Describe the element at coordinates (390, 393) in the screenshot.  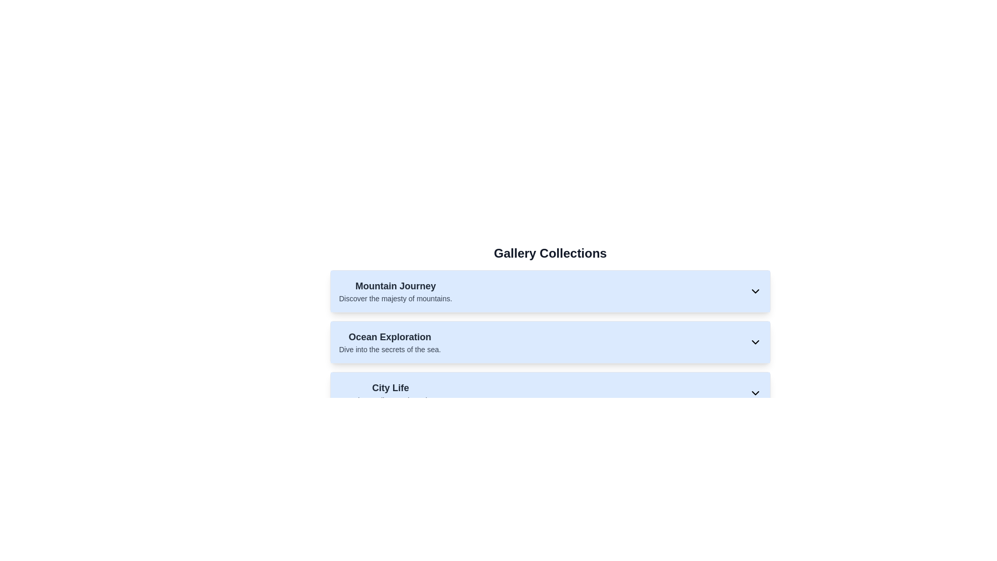
I see `descriptive text block titled 'City Life', which is the third item in a vertical list located between 'Ocean Exploration' and other content` at that location.